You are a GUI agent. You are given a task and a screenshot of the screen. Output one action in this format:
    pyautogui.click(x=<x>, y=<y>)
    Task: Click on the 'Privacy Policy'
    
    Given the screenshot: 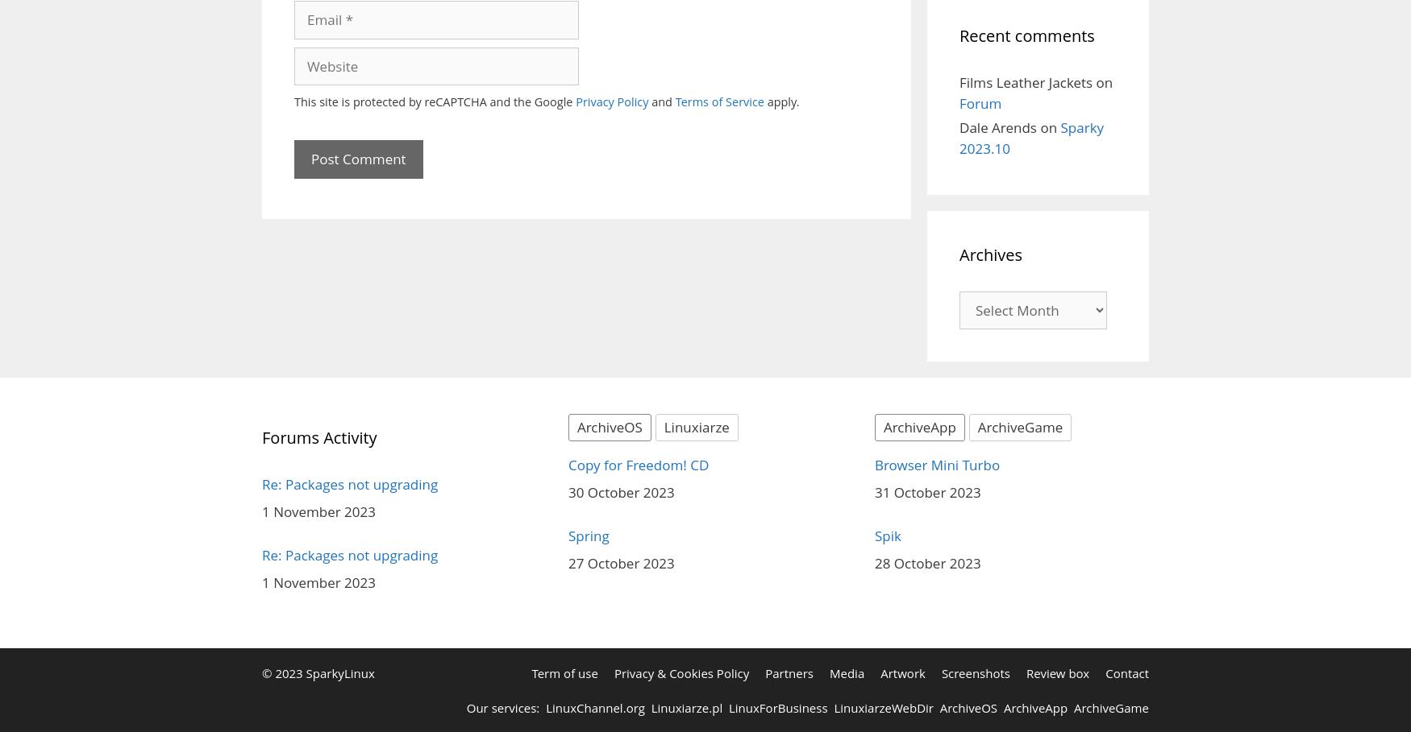 What is the action you would take?
    pyautogui.click(x=610, y=101)
    